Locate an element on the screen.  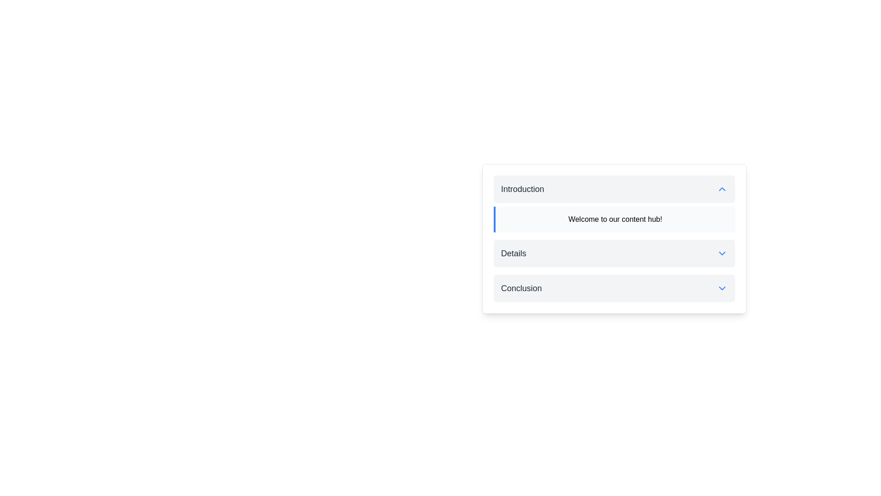
the 'Conclusion' text label element, which is styled with a medium-sized, bold font in dark gray is located at coordinates (521, 288).